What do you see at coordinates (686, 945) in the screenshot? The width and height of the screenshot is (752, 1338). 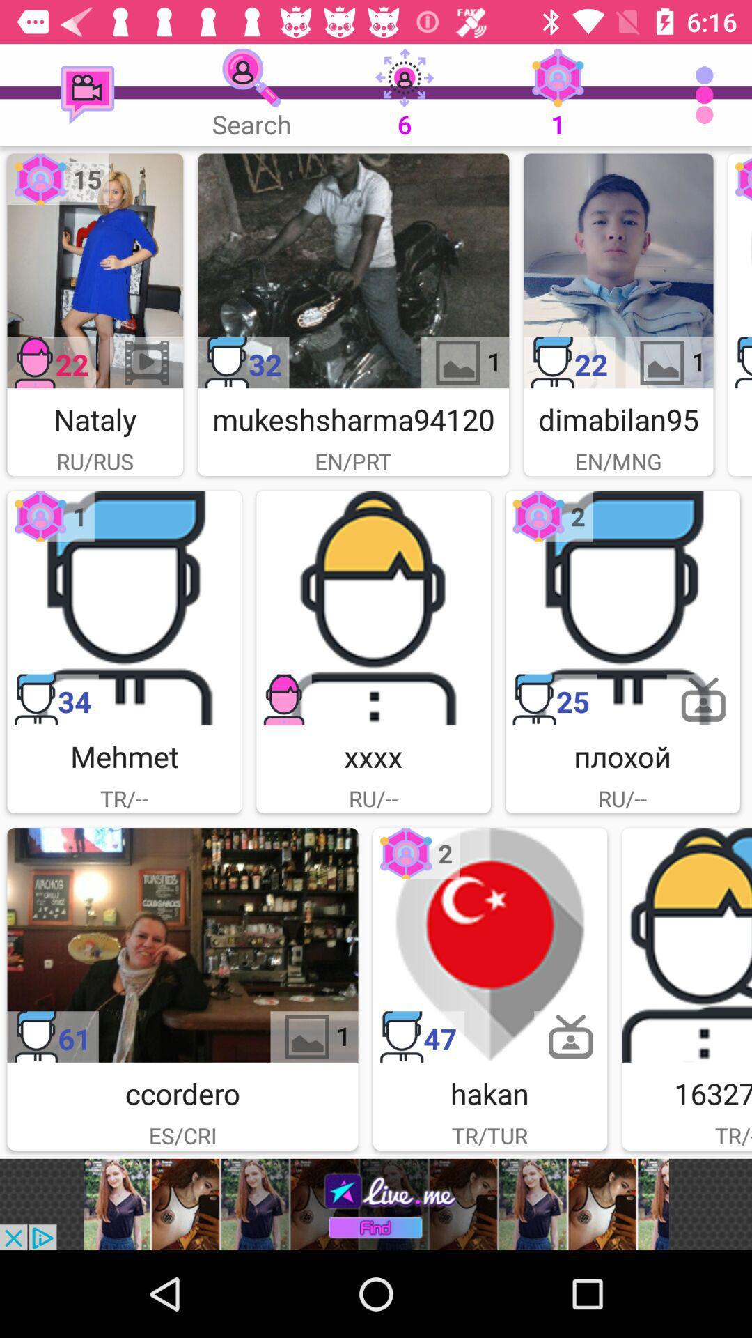 I see `selection choice` at bounding box center [686, 945].